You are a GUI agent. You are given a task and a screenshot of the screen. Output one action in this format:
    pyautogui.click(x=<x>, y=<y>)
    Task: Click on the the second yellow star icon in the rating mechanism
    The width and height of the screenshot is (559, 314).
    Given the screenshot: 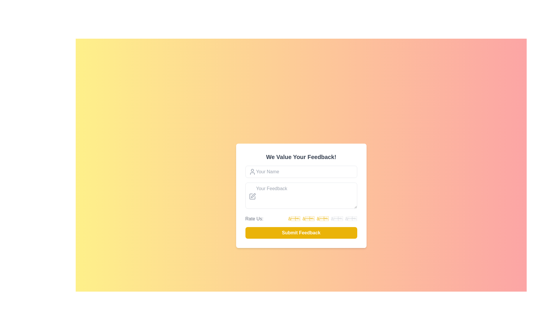 What is the action you would take?
    pyautogui.click(x=308, y=219)
    